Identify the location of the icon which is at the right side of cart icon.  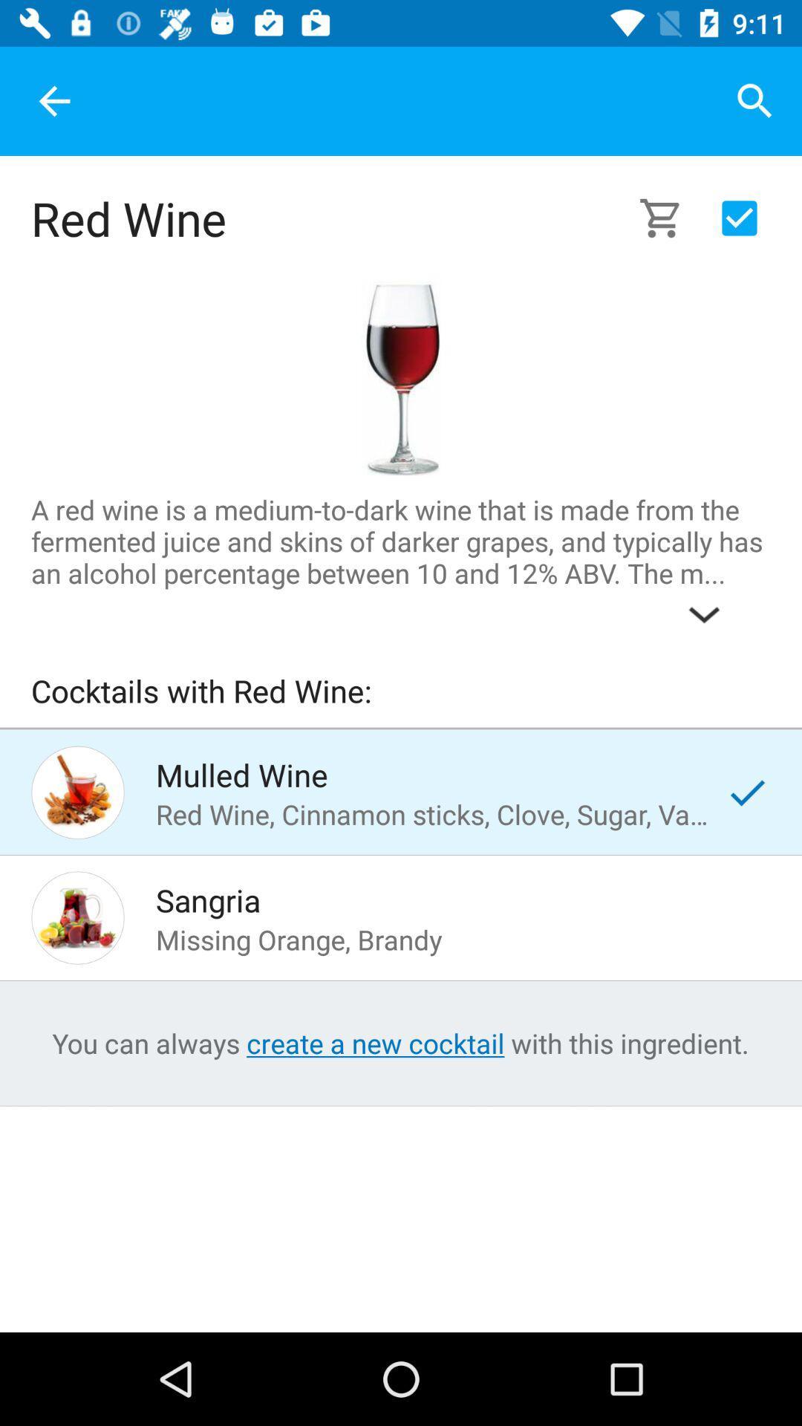
(739, 217).